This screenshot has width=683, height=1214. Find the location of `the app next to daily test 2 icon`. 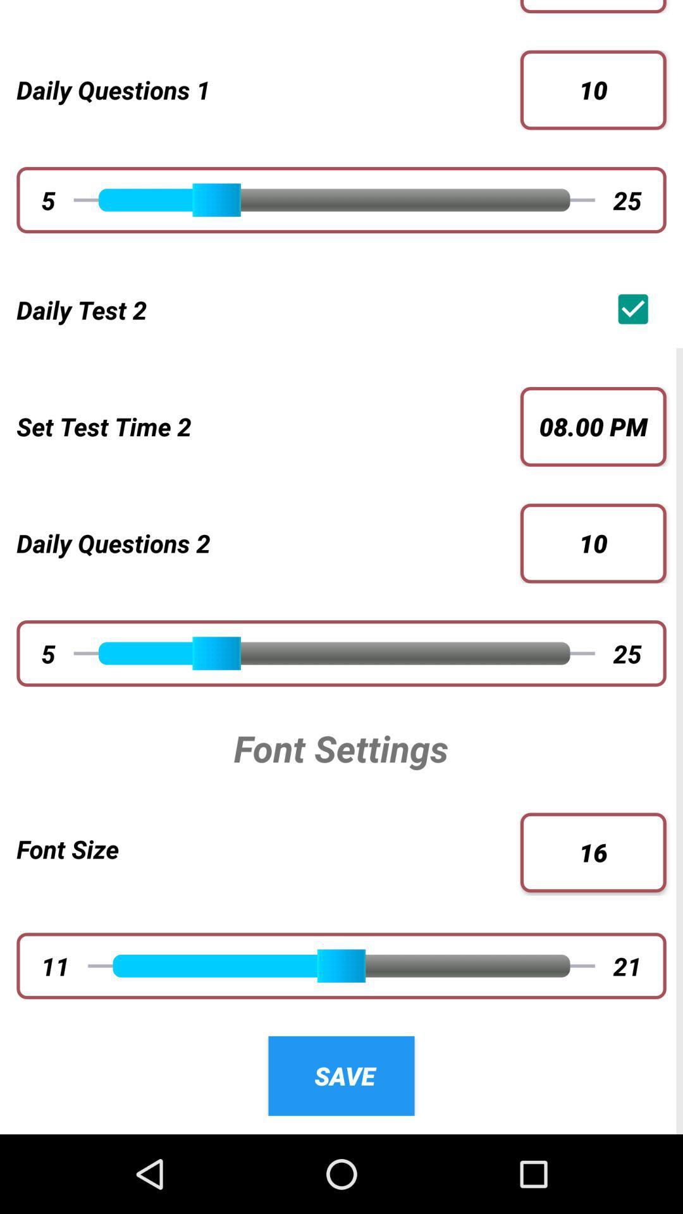

the app next to daily test 2 icon is located at coordinates (636, 309).